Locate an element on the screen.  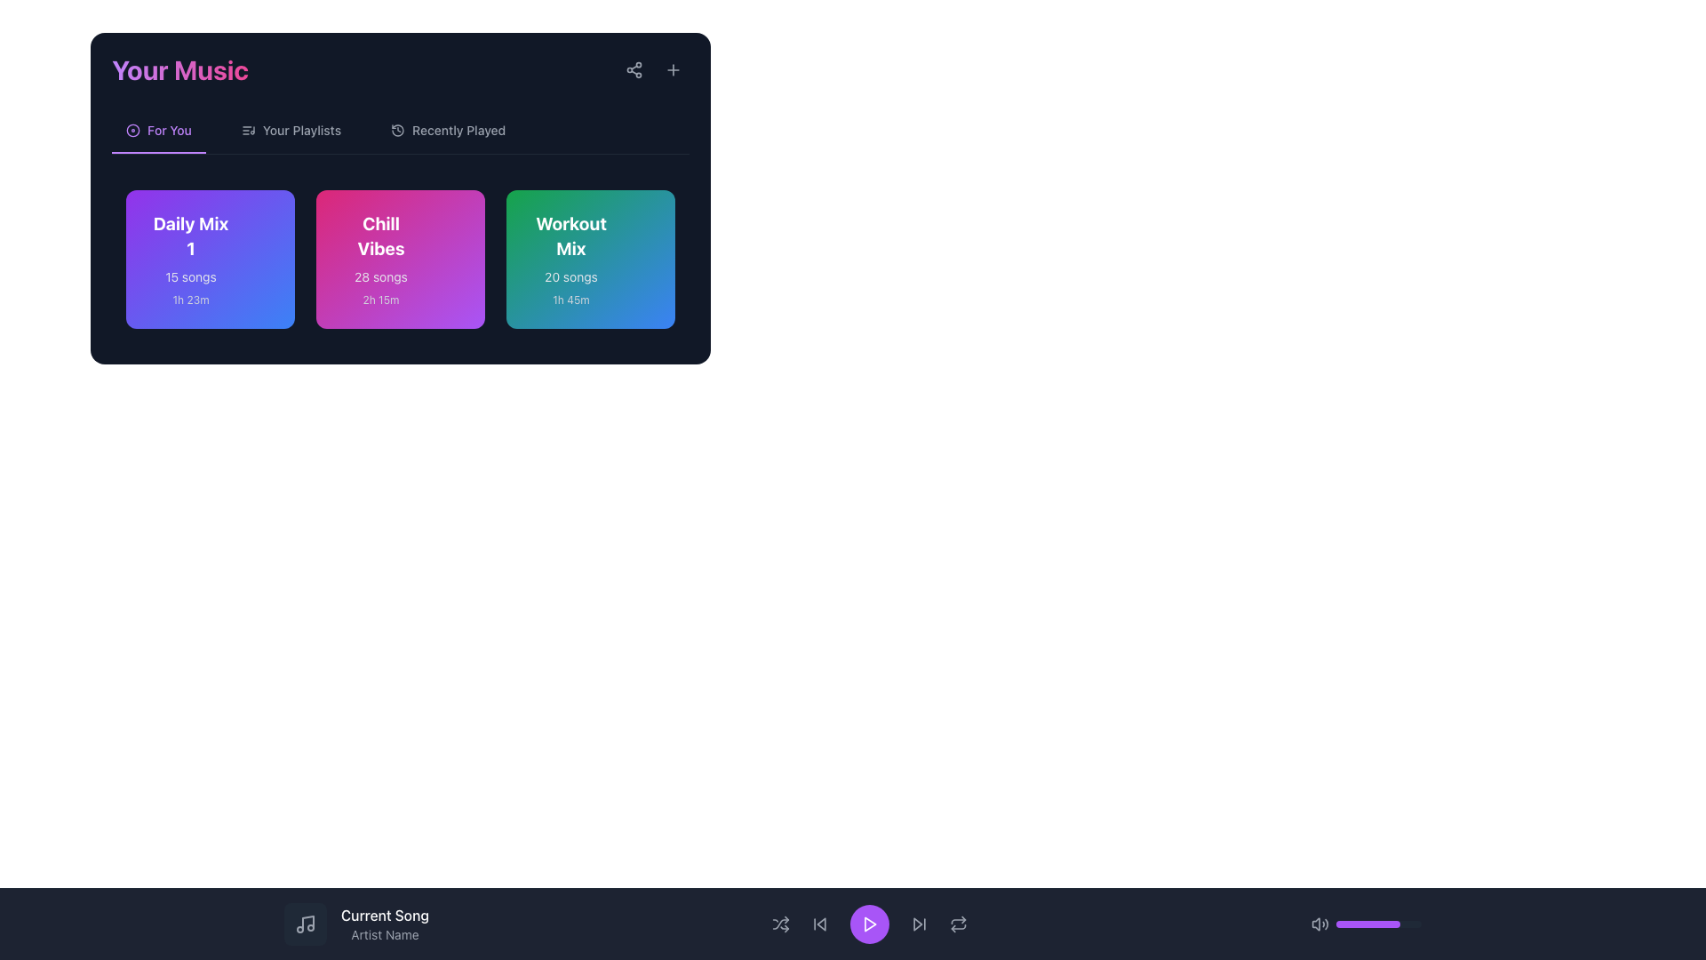
the 'Workout Mix' playlist card is located at coordinates (571, 260).